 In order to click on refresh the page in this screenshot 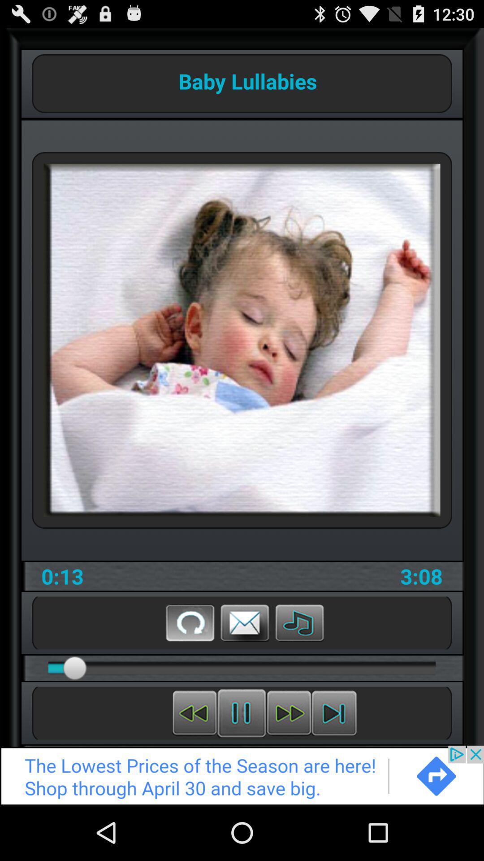, I will do `click(190, 622)`.